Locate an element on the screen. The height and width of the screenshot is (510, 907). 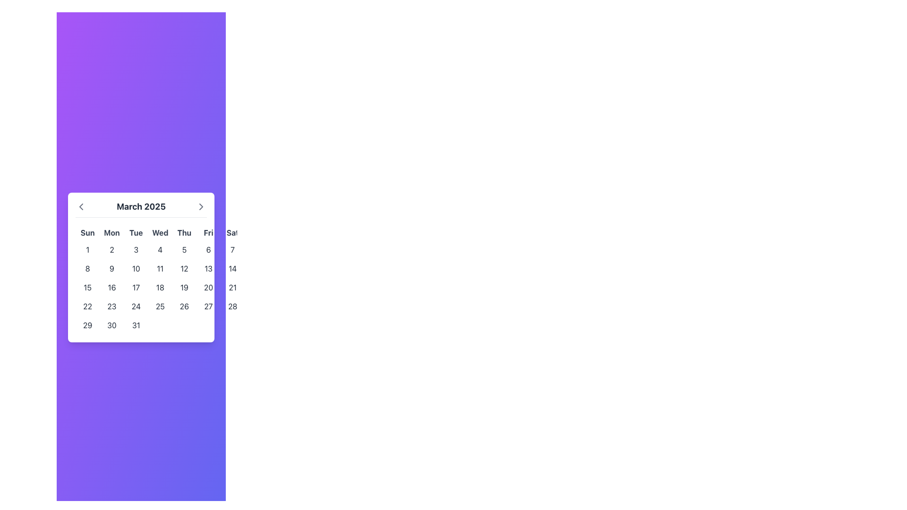
the Text label representing the 11th day in the calendar widget is located at coordinates (160, 268).